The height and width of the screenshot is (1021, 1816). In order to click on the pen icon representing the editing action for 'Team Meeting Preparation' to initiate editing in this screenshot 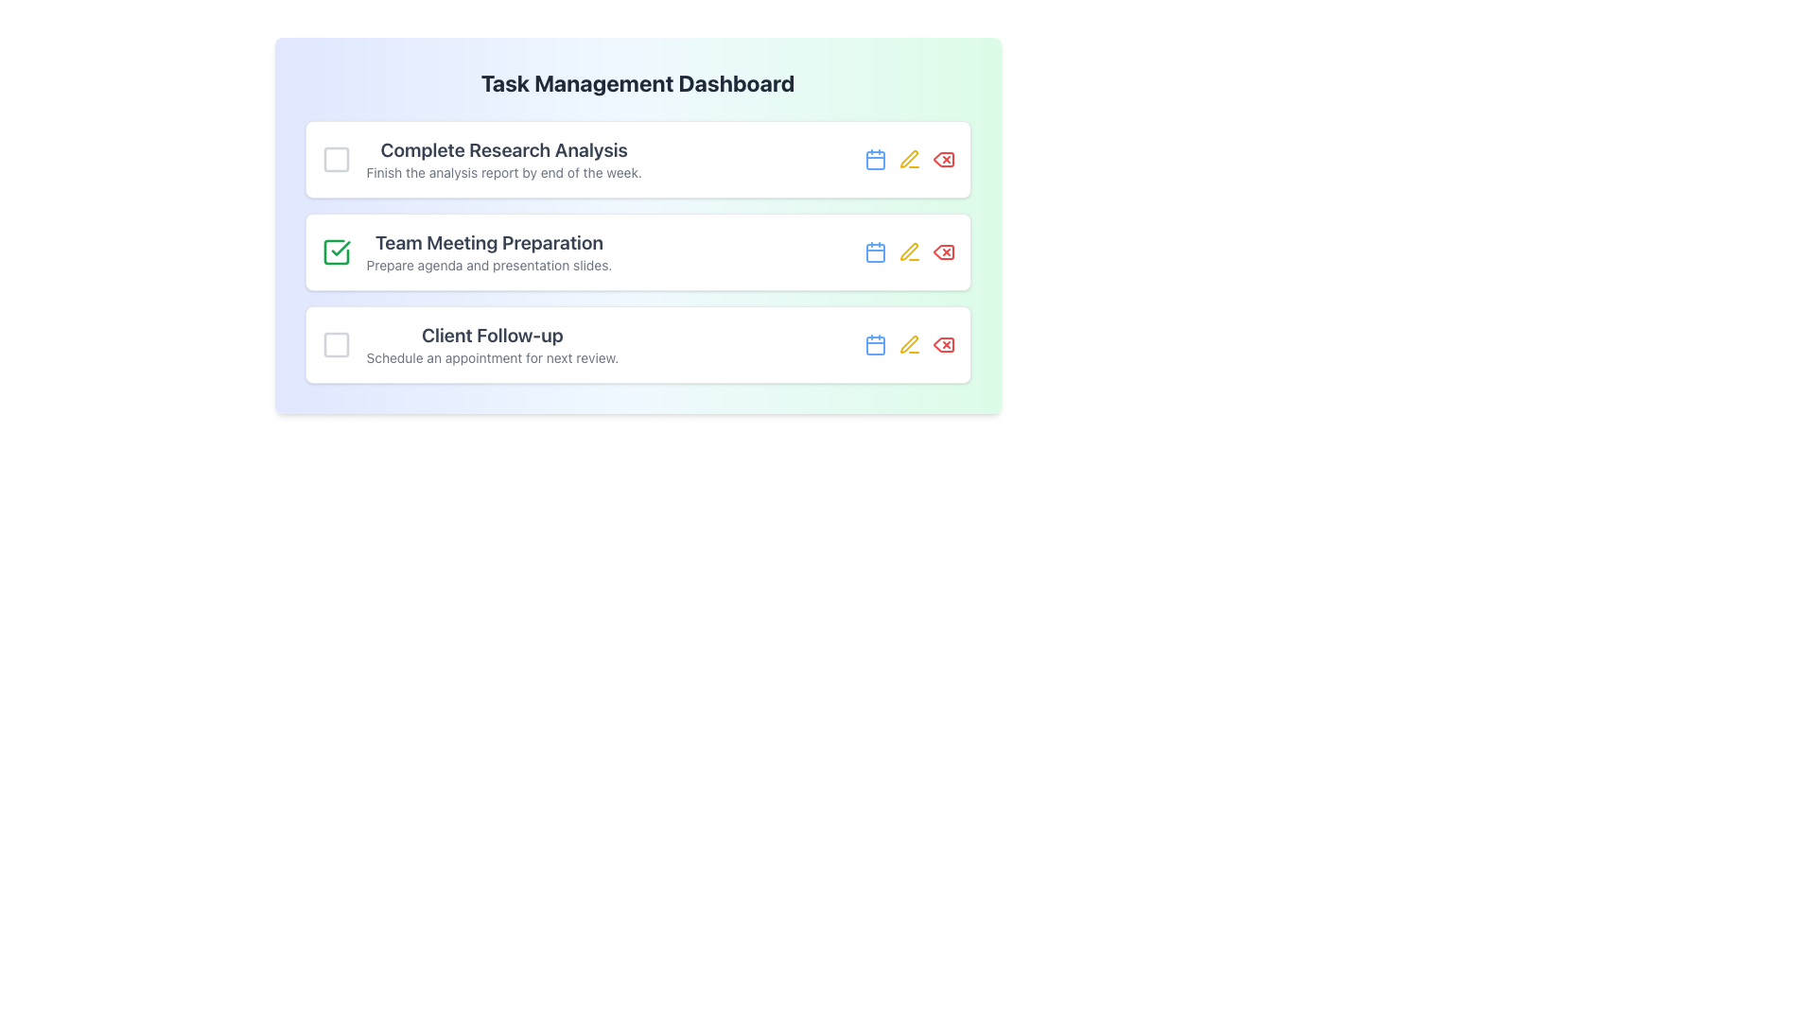, I will do `click(909, 345)`.